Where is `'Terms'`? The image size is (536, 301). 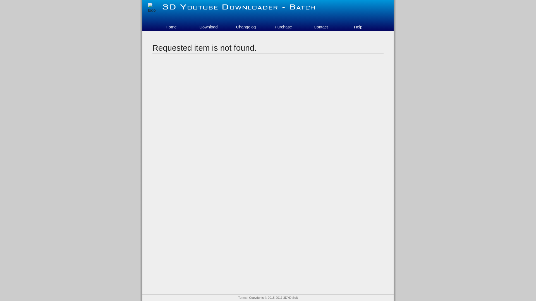 'Terms' is located at coordinates (242, 297).